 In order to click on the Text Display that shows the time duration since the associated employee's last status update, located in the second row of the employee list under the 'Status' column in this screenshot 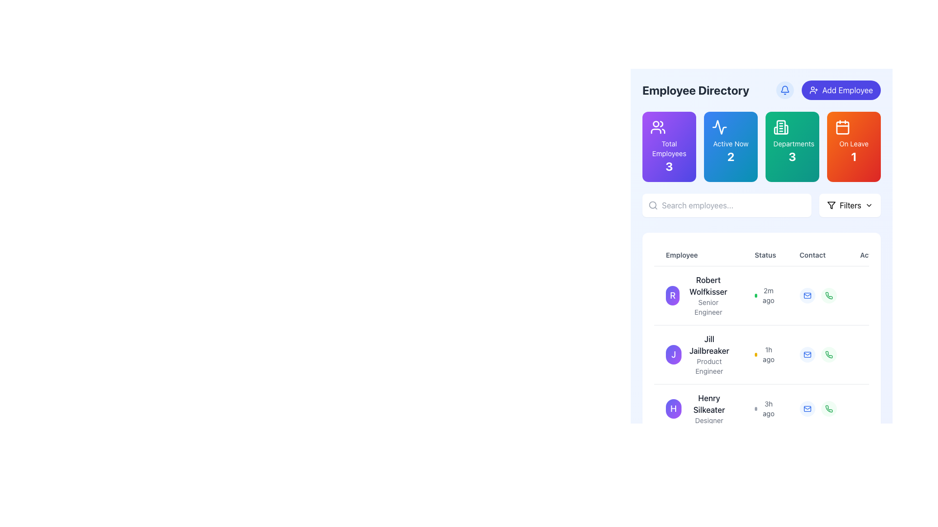, I will do `click(765, 354)`.